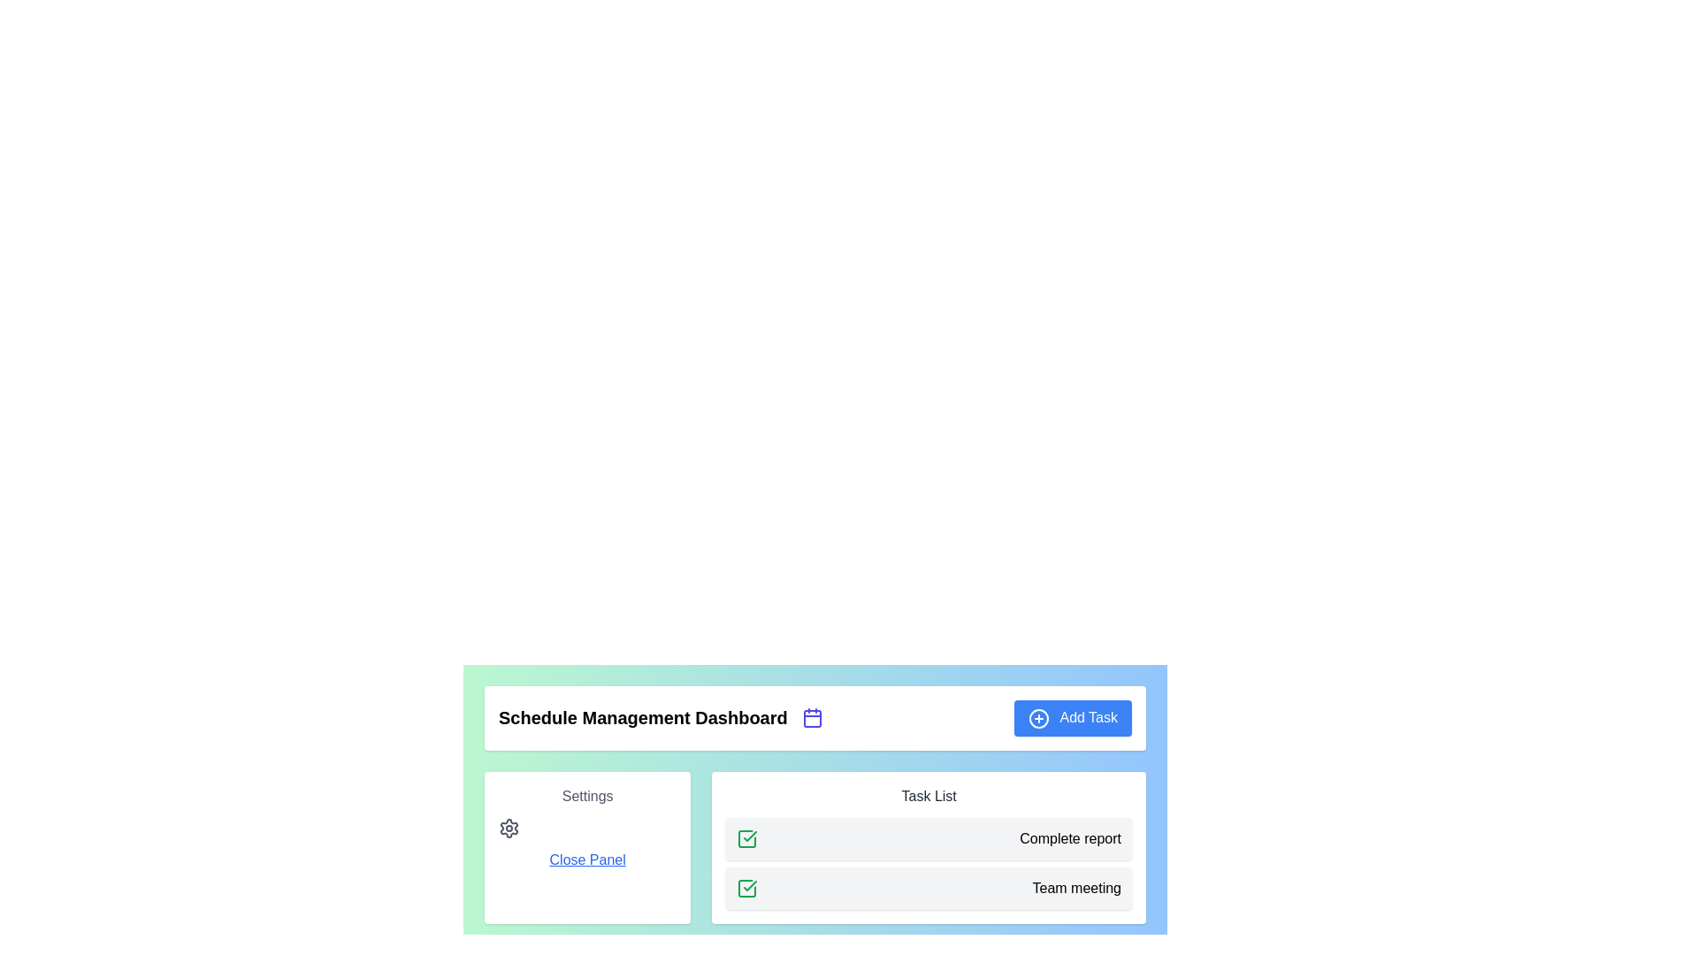 The image size is (1698, 955). What do you see at coordinates (747, 888) in the screenshot?
I see `the checkbox or status indicator icon located to the left of the 'Team meeting' row in the 'Task List' section` at bounding box center [747, 888].